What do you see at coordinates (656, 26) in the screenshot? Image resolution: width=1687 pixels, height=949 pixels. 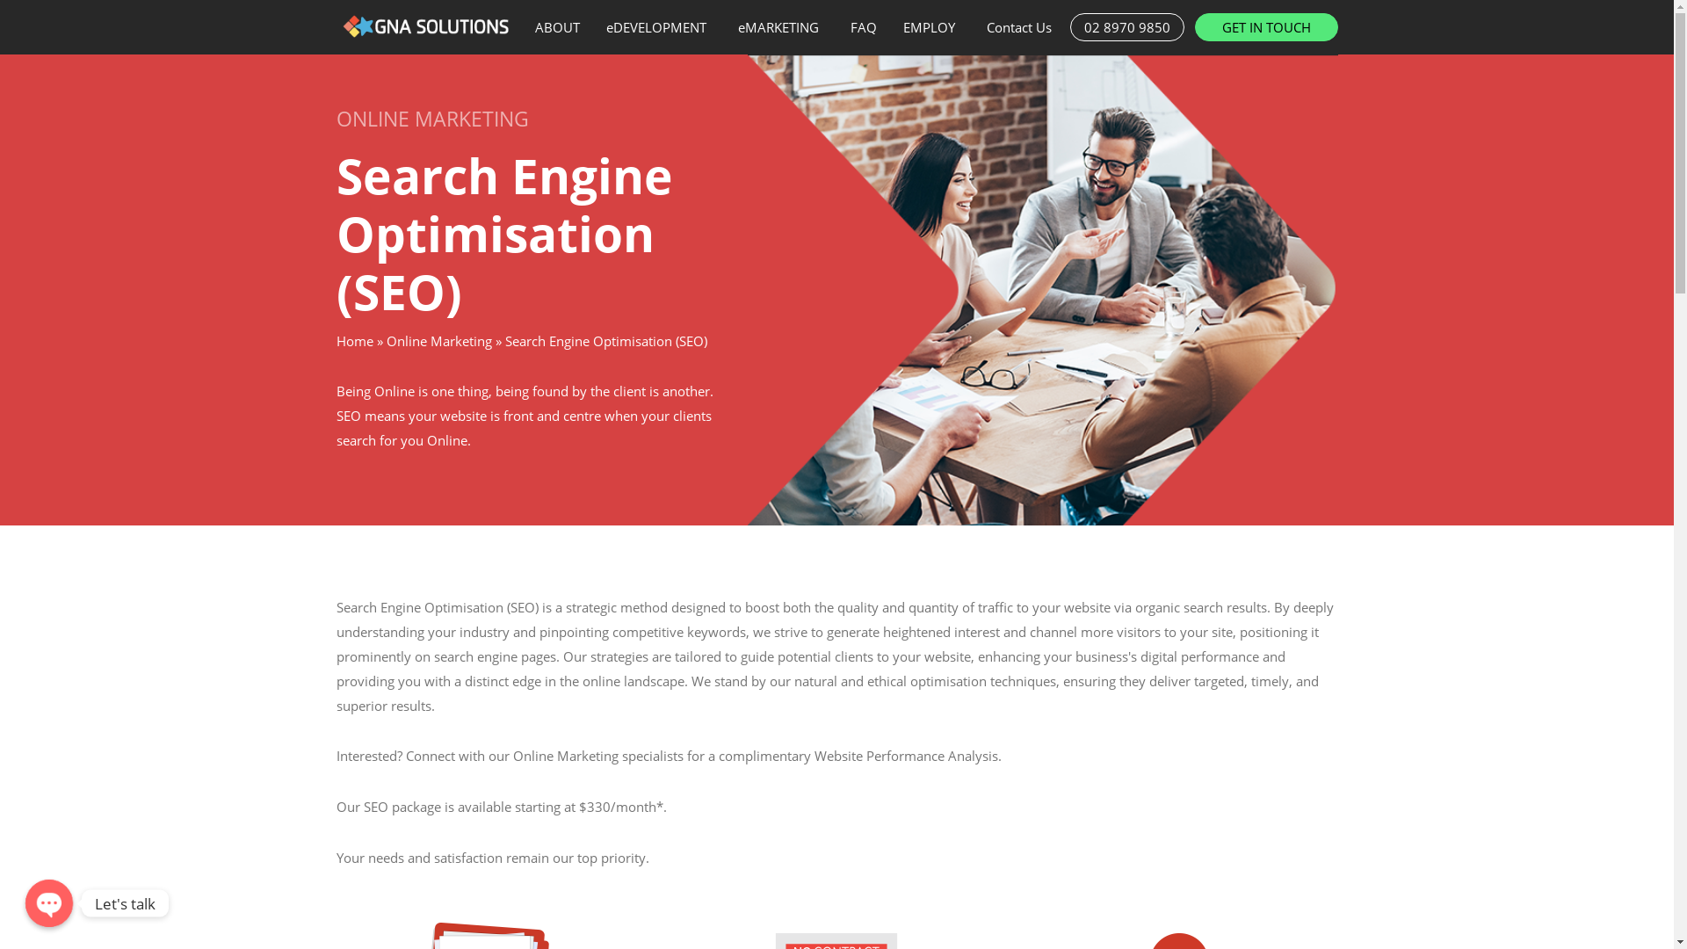 I see `'eDEVELOPMENT'` at bounding box center [656, 26].